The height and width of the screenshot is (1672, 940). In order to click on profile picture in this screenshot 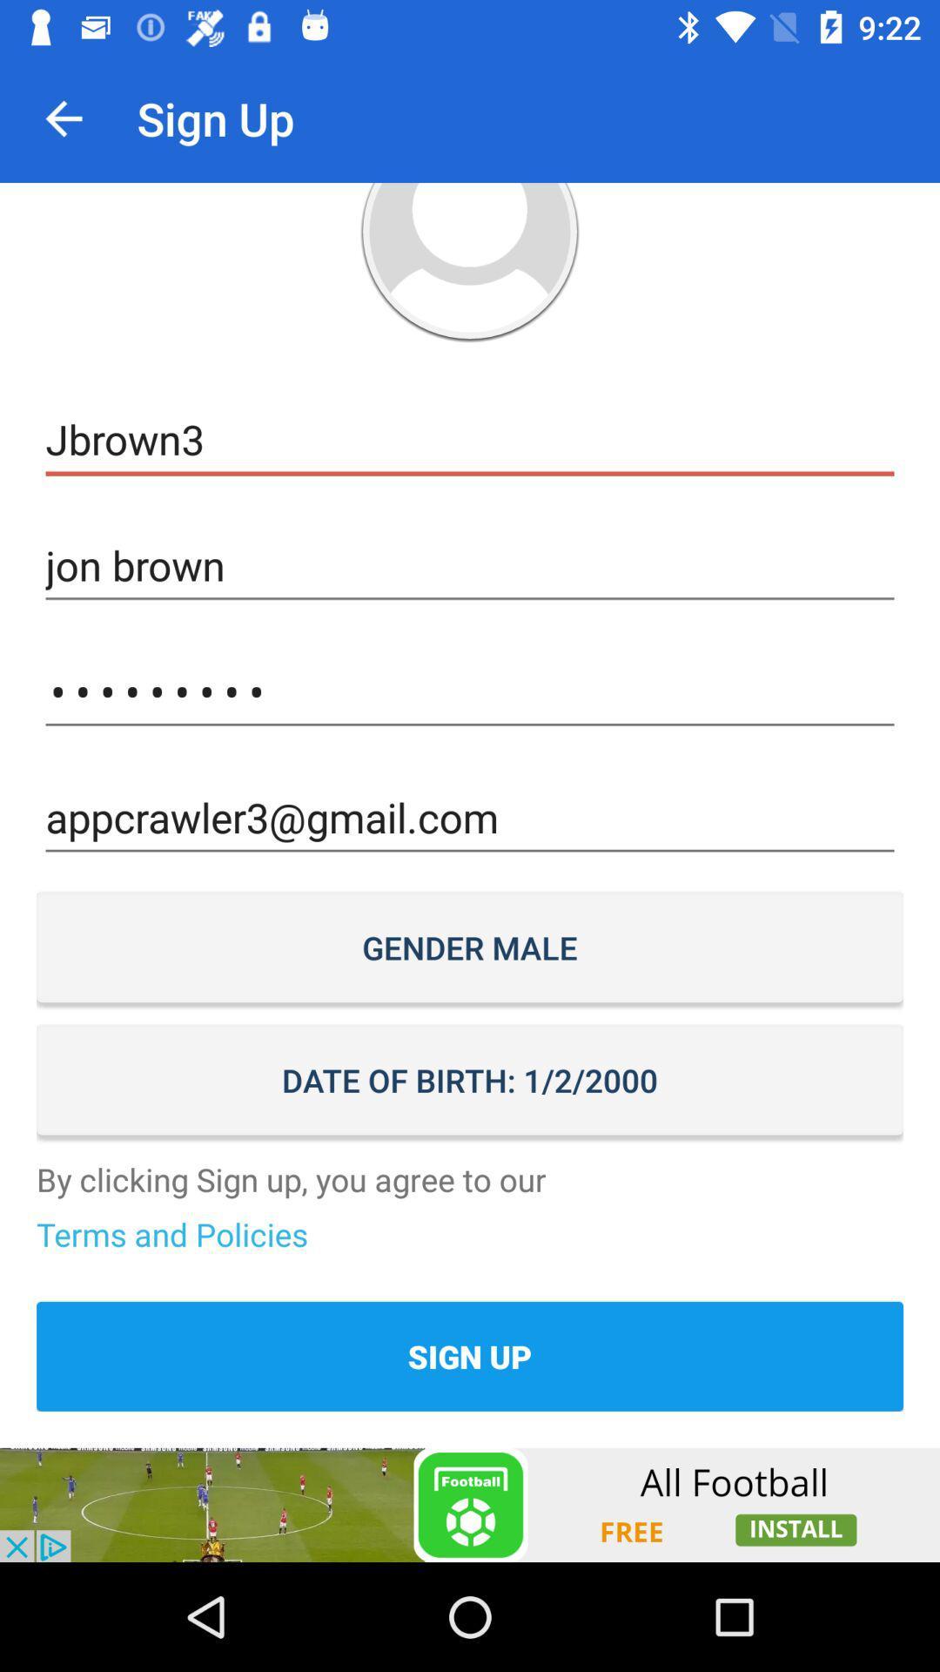, I will do `click(470, 261)`.